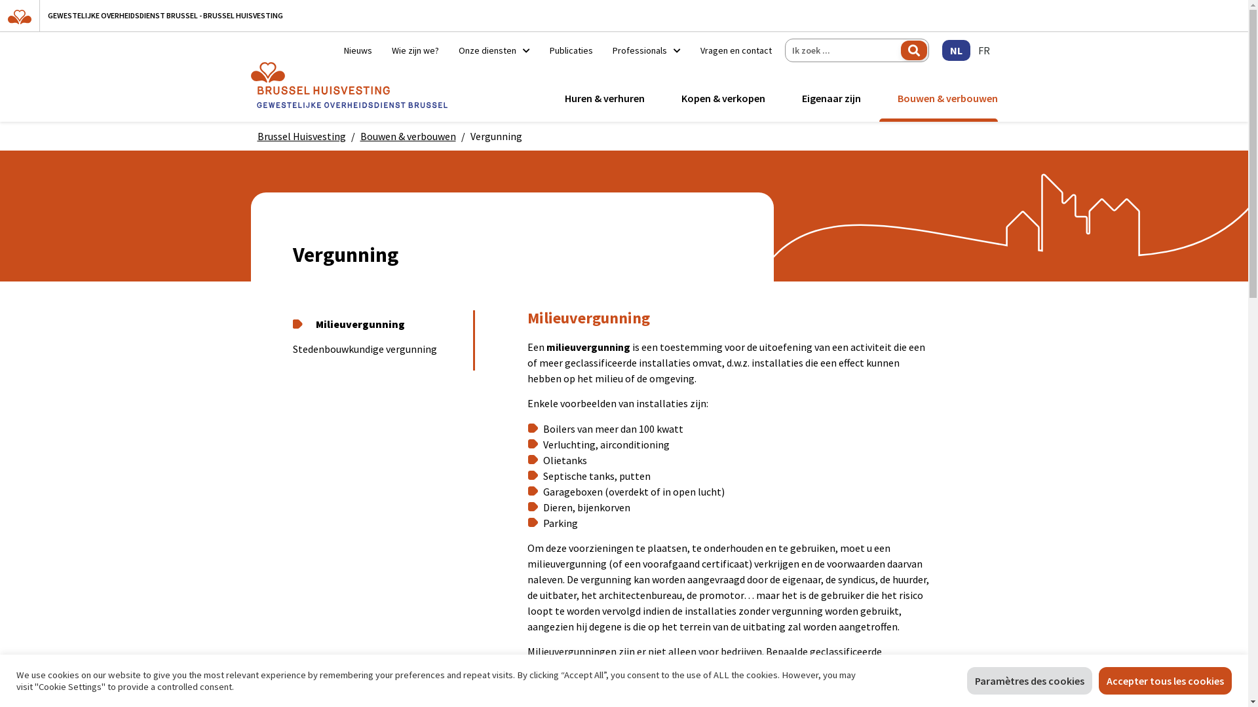  Describe the element at coordinates (676, 98) in the screenshot. I see `'Kopen & verkopen'` at that location.